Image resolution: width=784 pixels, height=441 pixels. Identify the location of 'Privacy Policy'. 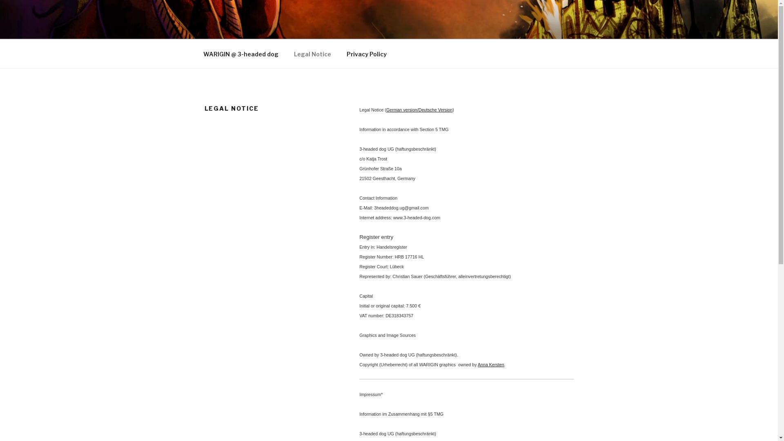
(366, 54).